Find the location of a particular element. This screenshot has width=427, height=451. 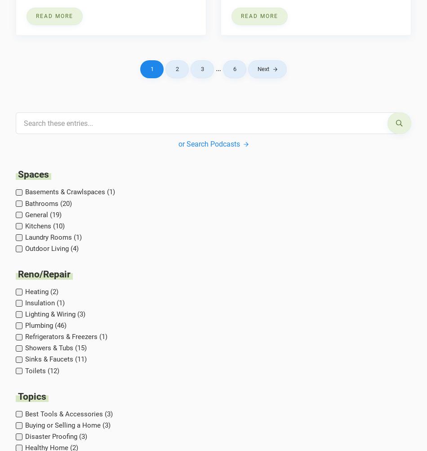

'or Search Podcasts' is located at coordinates (208, 143).